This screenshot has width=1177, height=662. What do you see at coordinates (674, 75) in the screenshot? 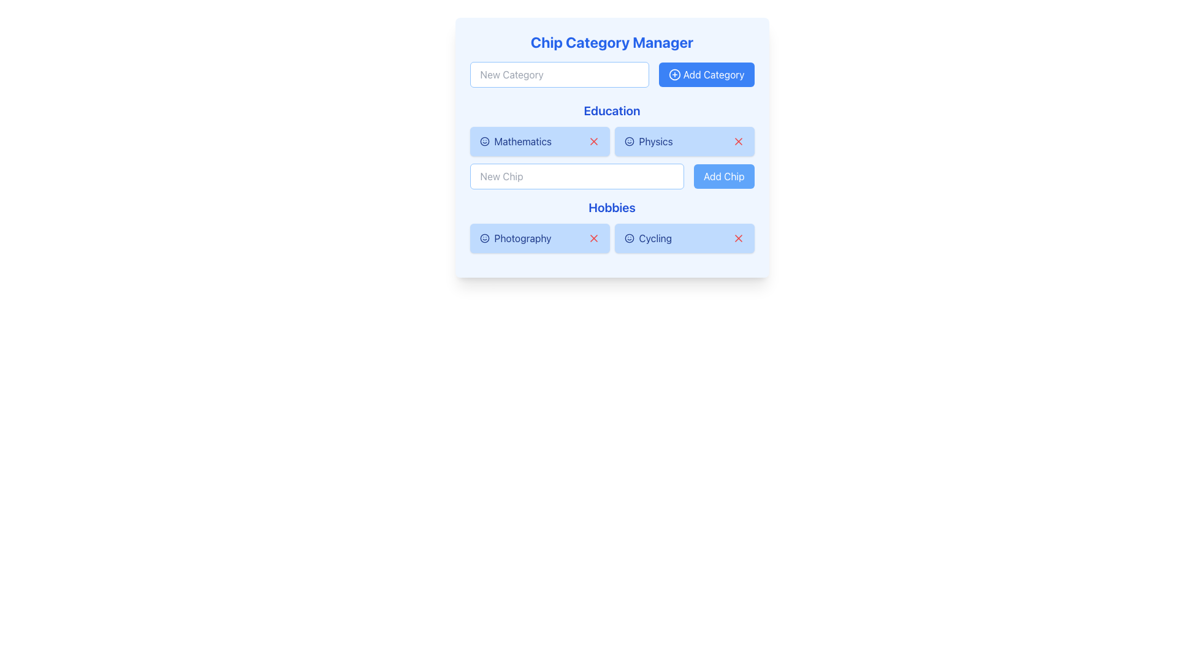
I see `the icon located on the far-left side of the 'Add Category' button` at bounding box center [674, 75].